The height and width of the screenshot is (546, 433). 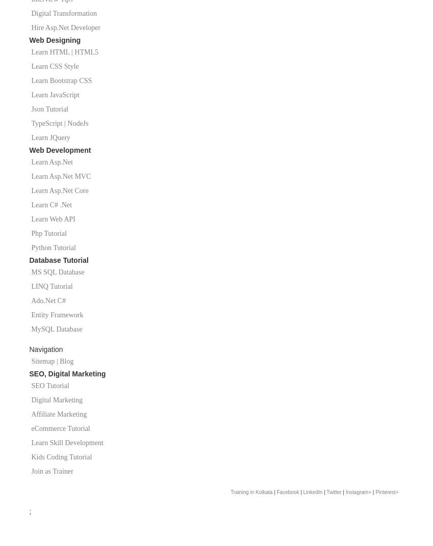 I want to click on 'eCommerce Tutorial', so click(x=60, y=428).